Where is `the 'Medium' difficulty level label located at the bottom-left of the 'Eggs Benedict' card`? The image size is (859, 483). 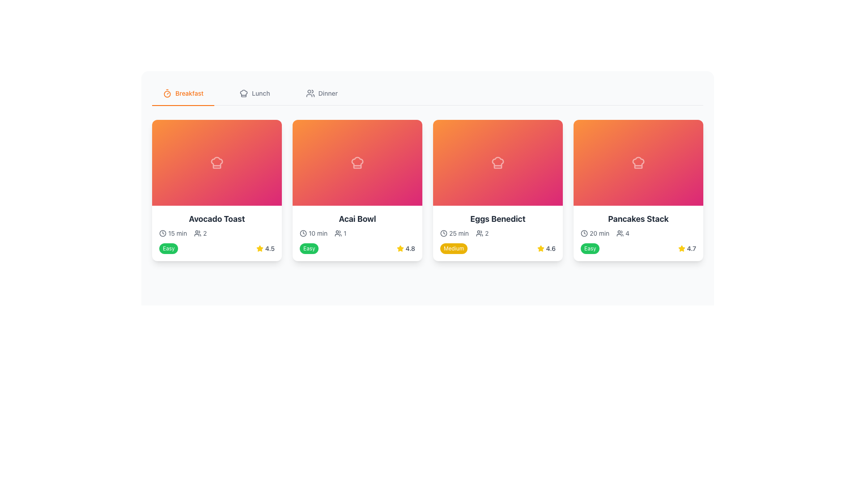
the 'Medium' difficulty level label located at the bottom-left of the 'Eggs Benedict' card is located at coordinates (454, 248).